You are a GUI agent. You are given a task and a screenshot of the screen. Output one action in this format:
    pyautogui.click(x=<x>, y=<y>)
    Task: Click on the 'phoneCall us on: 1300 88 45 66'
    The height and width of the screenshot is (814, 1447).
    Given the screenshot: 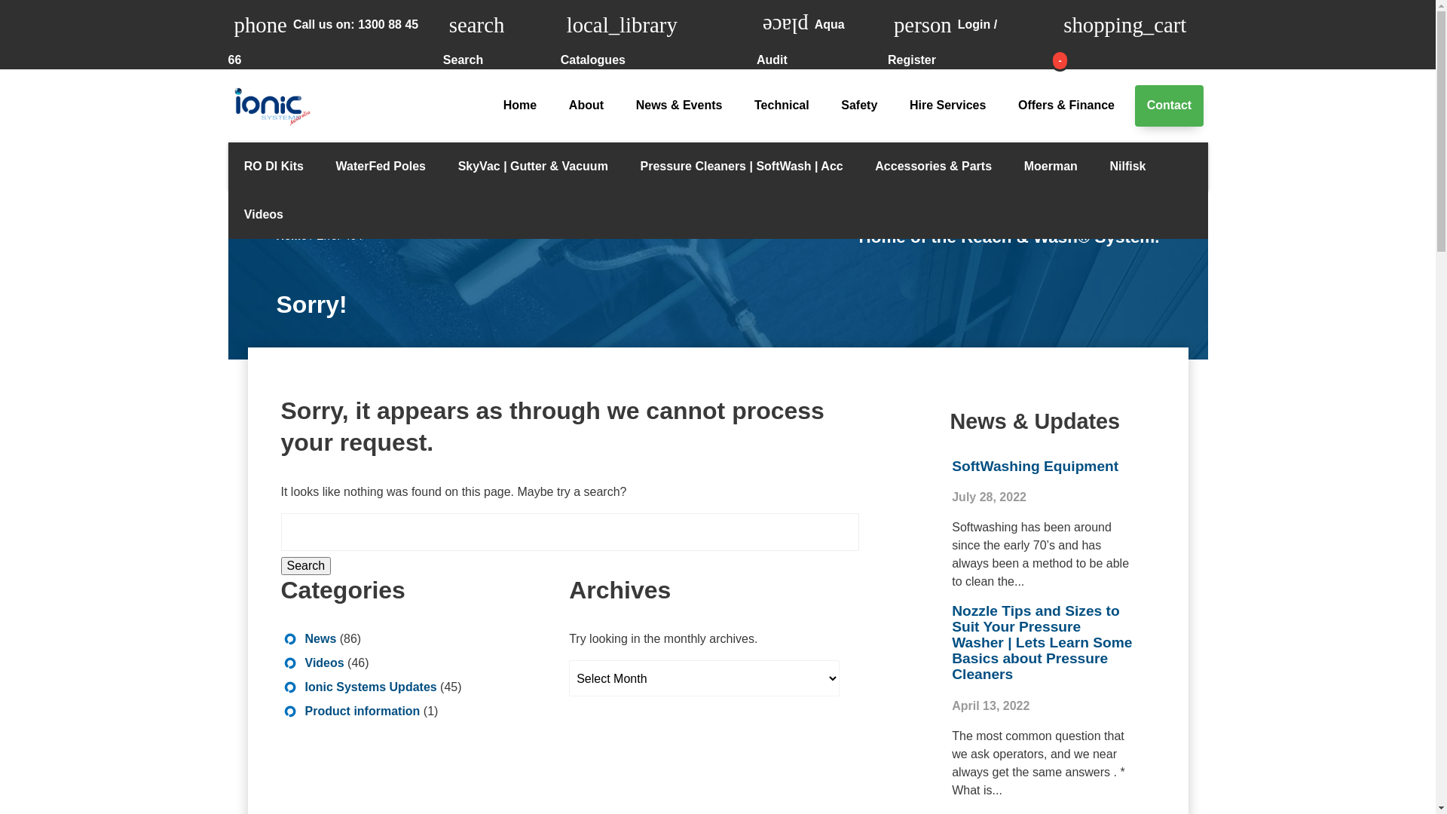 What is the action you would take?
    pyautogui.click(x=227, y=34)
    